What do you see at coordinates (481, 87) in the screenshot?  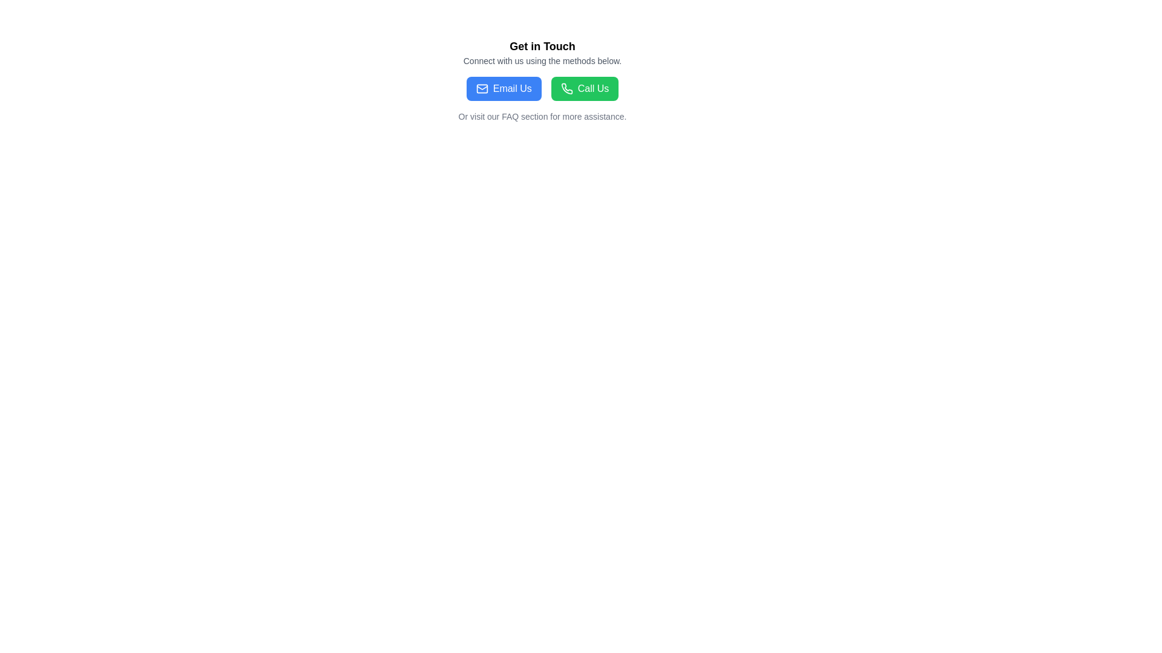 I see `the envelope flap icon, which is part of the outlined envelope icon located to the left of the 'Email Us' button` at bounding box center [481, 87].